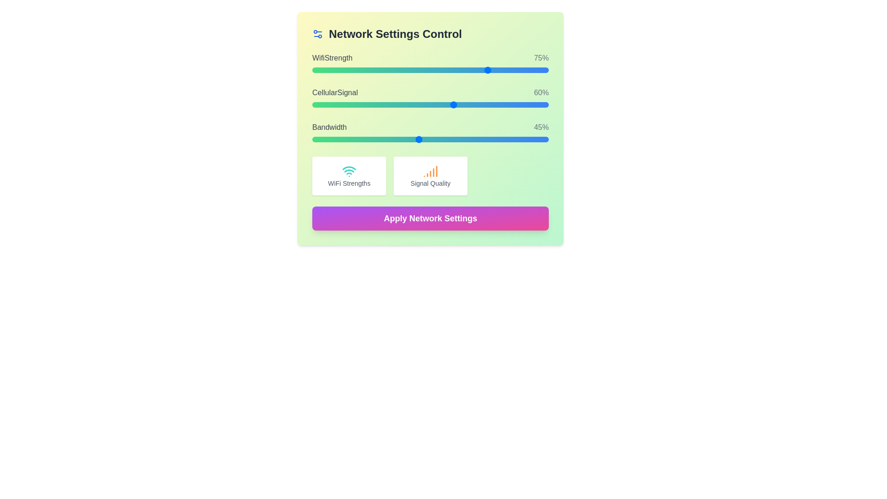  What do you see at coordinates (541, 92) in the screenshot?
I see `the numeric percentage value '60%' displayed in light gray font, located in the second row of the settings control interface, aligned to the right of the 'CellularSignal' label and slider component` at bounding box center [541, 92].